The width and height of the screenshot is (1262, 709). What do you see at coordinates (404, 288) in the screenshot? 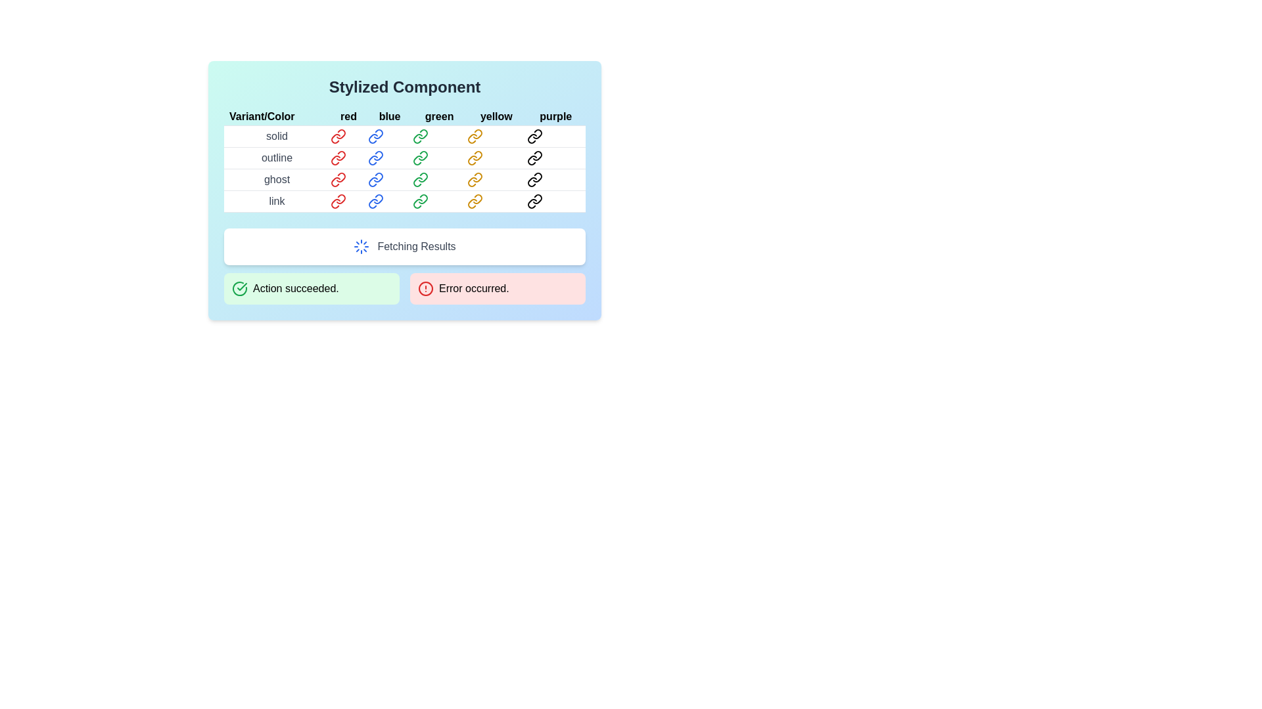
I see `the horizontally aligned grid containing styled status messages, which features a green section stating 'Action succeeded.' and a red section stating 'Error occurred.'` at bounding box center [404, 288].